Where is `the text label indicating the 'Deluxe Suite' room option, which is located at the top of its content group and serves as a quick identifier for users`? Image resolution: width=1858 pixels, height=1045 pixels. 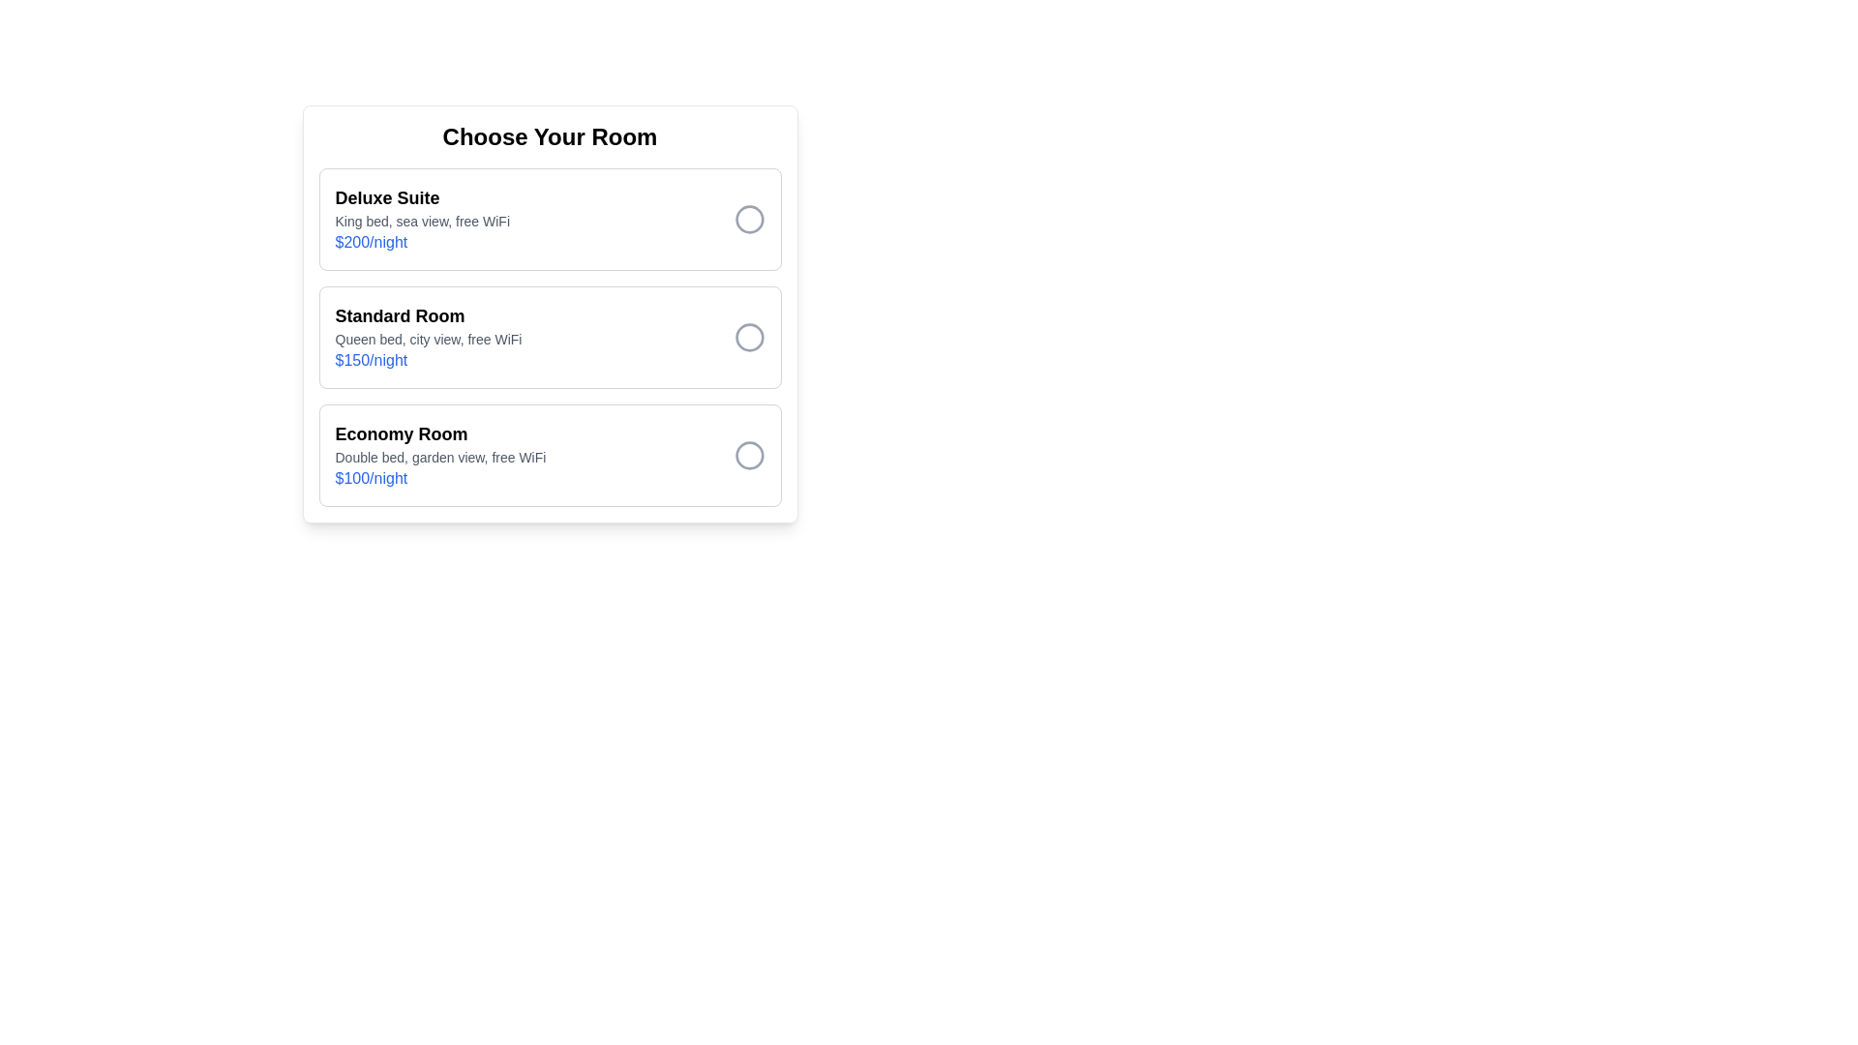 the text label indicating the 'Deluxe Suite' room option, which is located at the top of its content group and serves as a quick identifier for users is located at coordinates (421, 197).